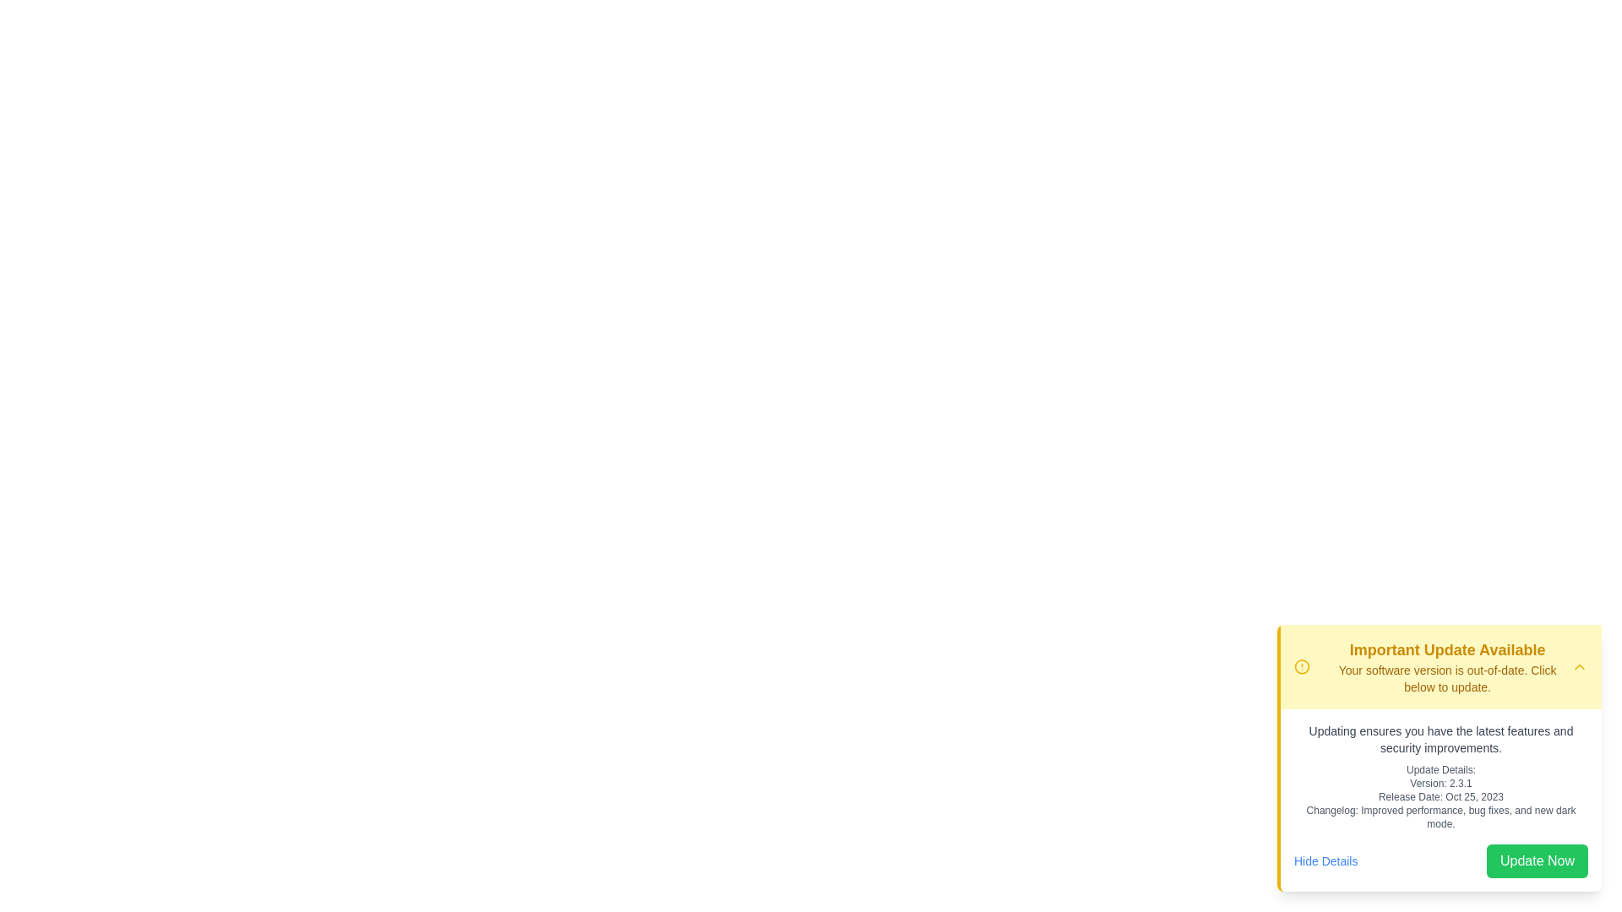 This screenshot has height=912, width=1622. What do you see at coordinates (1446, 677) in the screenshot?
I see `the yellow text label displaying the message 'Your software version is out-of-date. Click below to update.' located below the header 'Important Update Available'` at bounding box center [1446, 677].